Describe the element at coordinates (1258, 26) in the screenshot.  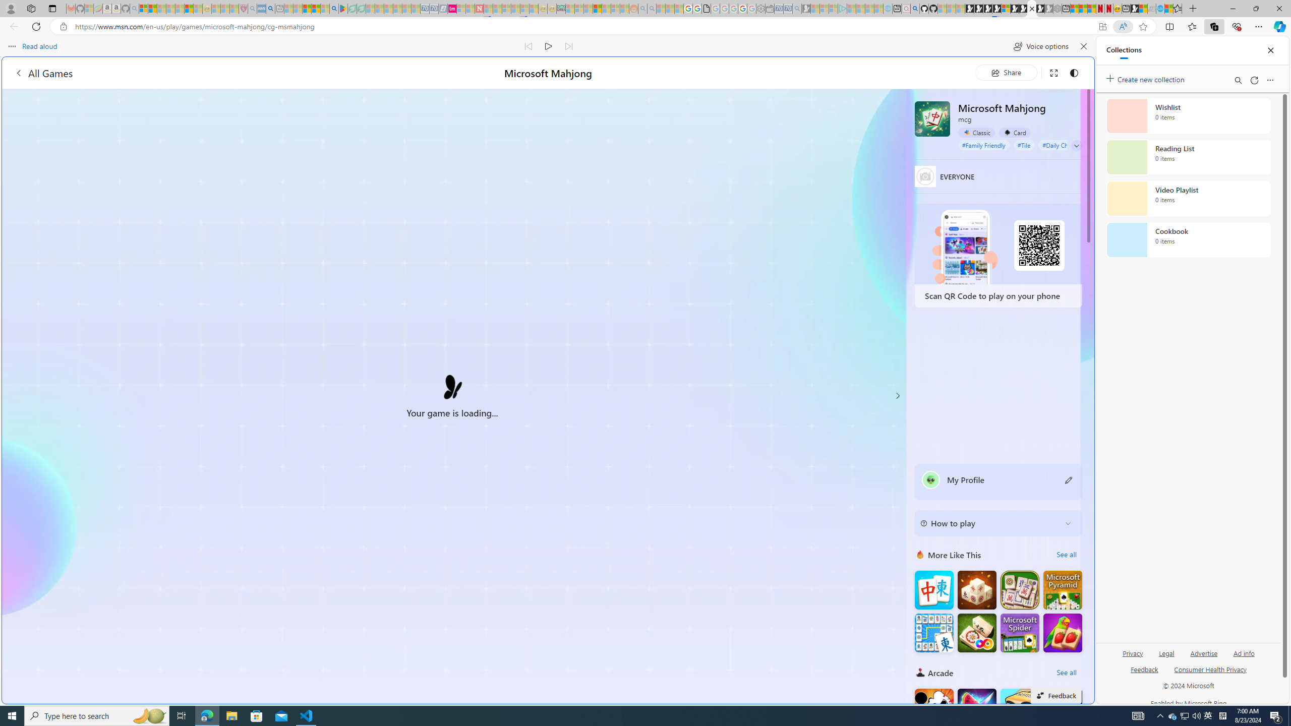
I see `'Settings and more (Alt+F)'` at that location.